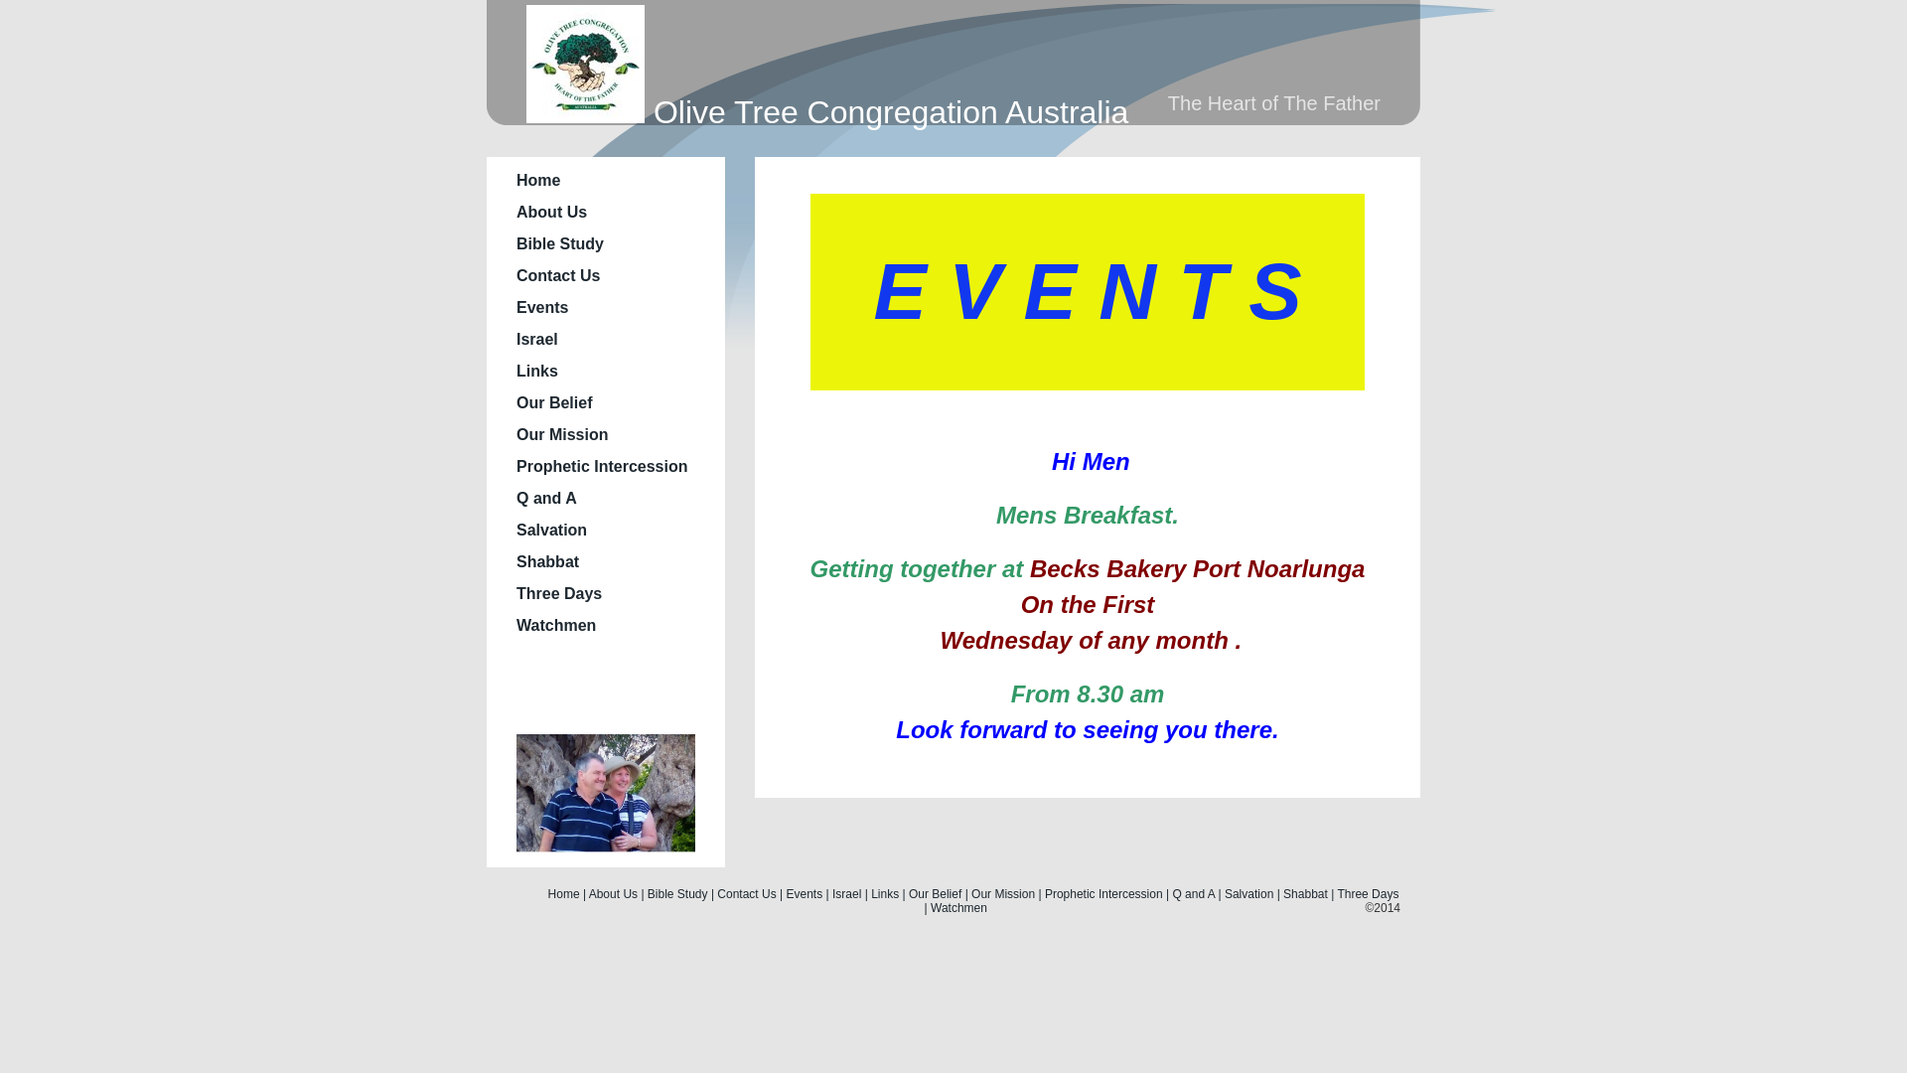 The height and width of the screenshot is (1073, 1907). I want to click on 'Home', so click(538, 180).